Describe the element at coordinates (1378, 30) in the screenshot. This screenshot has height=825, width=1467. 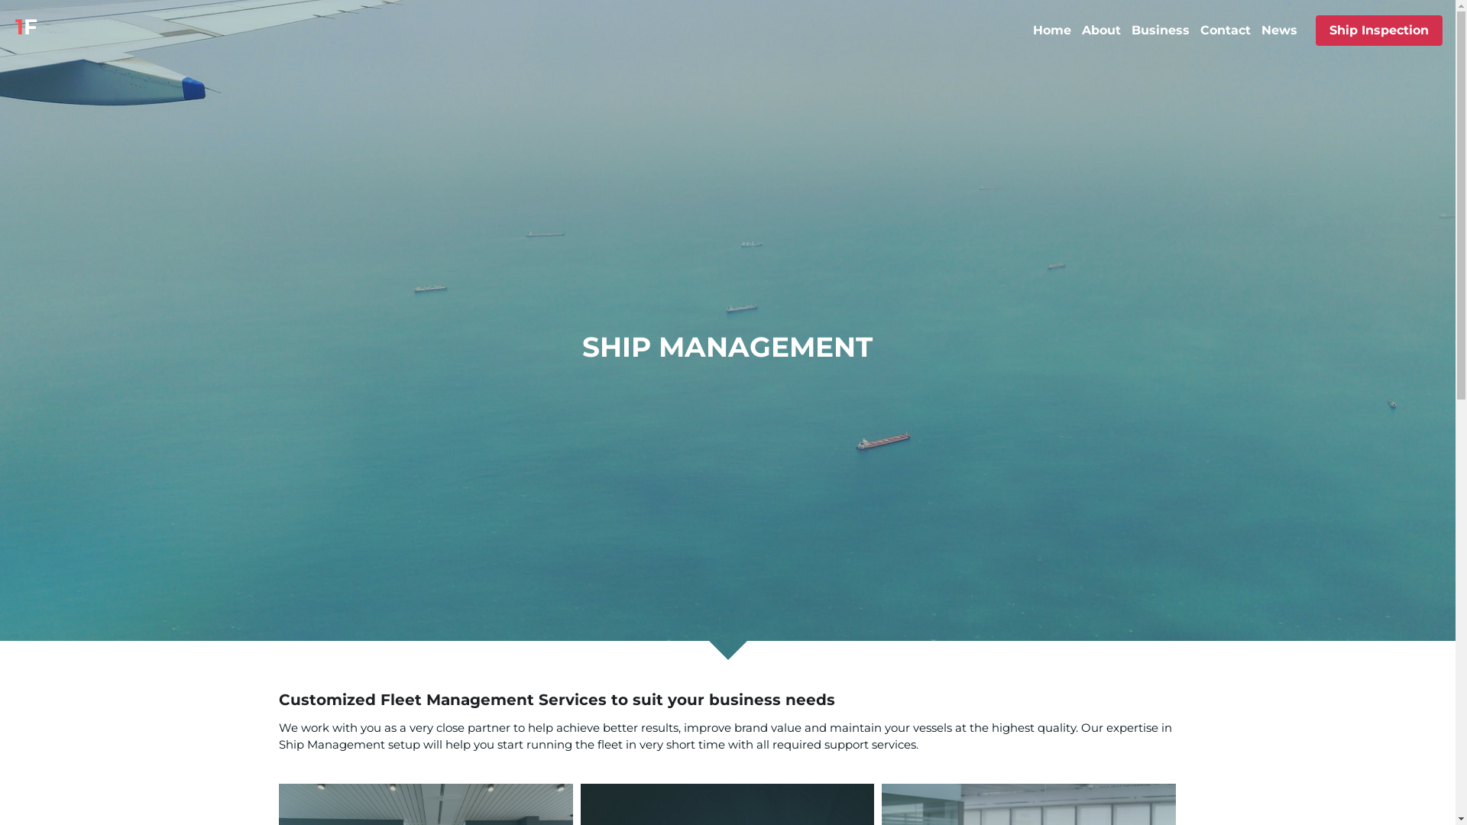
I see `'Ship Inspection'` at that location.